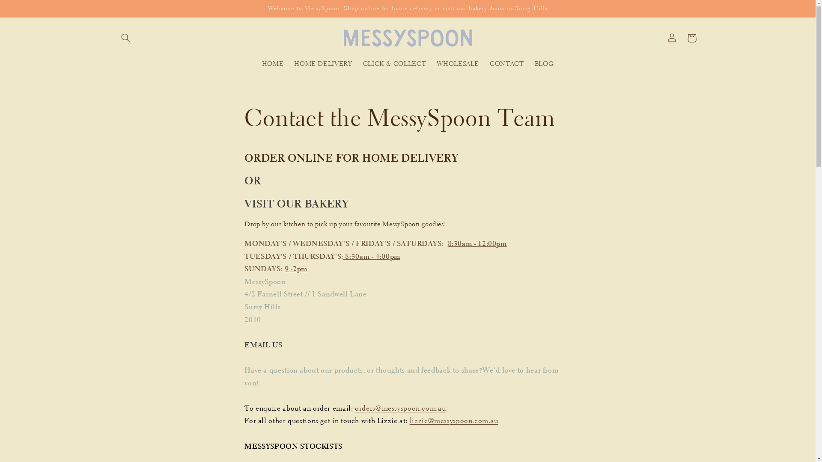 This screenshot has height=462, width=822. Describe the element at coordinates (394, 64) in the screenshot. I see `'CLICK & COLLECT'` at that location.